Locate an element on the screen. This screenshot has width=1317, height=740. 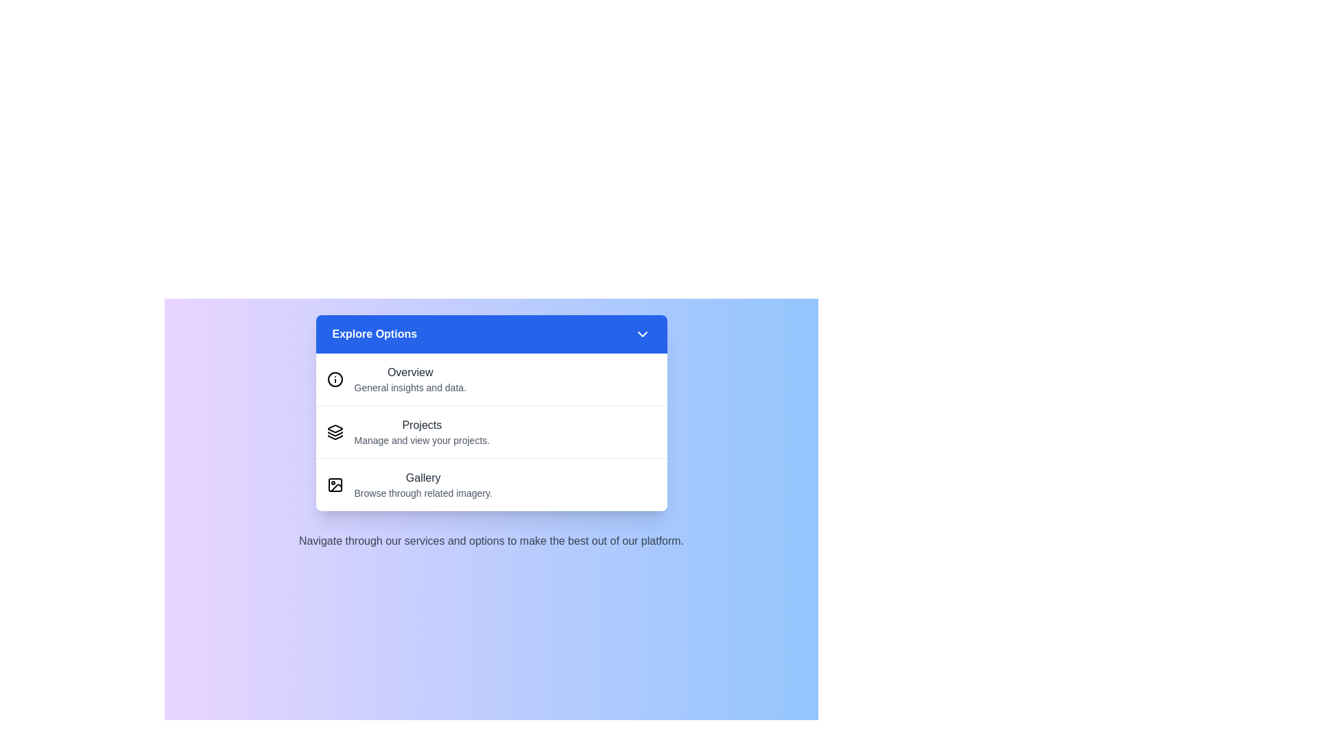
the menu item Gallery from the options is located at coordinates (423, 484).